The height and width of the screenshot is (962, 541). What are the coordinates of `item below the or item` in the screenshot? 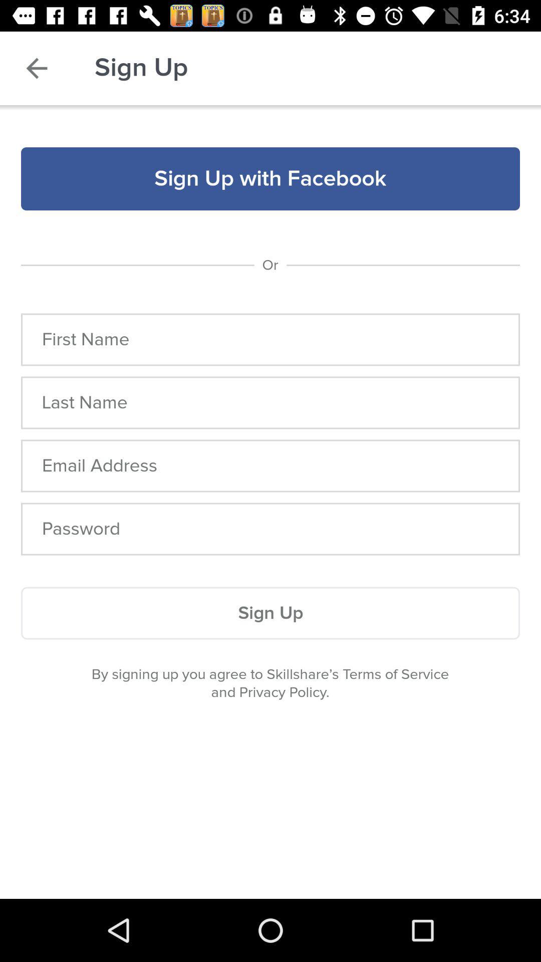 It's located at (270, 339).